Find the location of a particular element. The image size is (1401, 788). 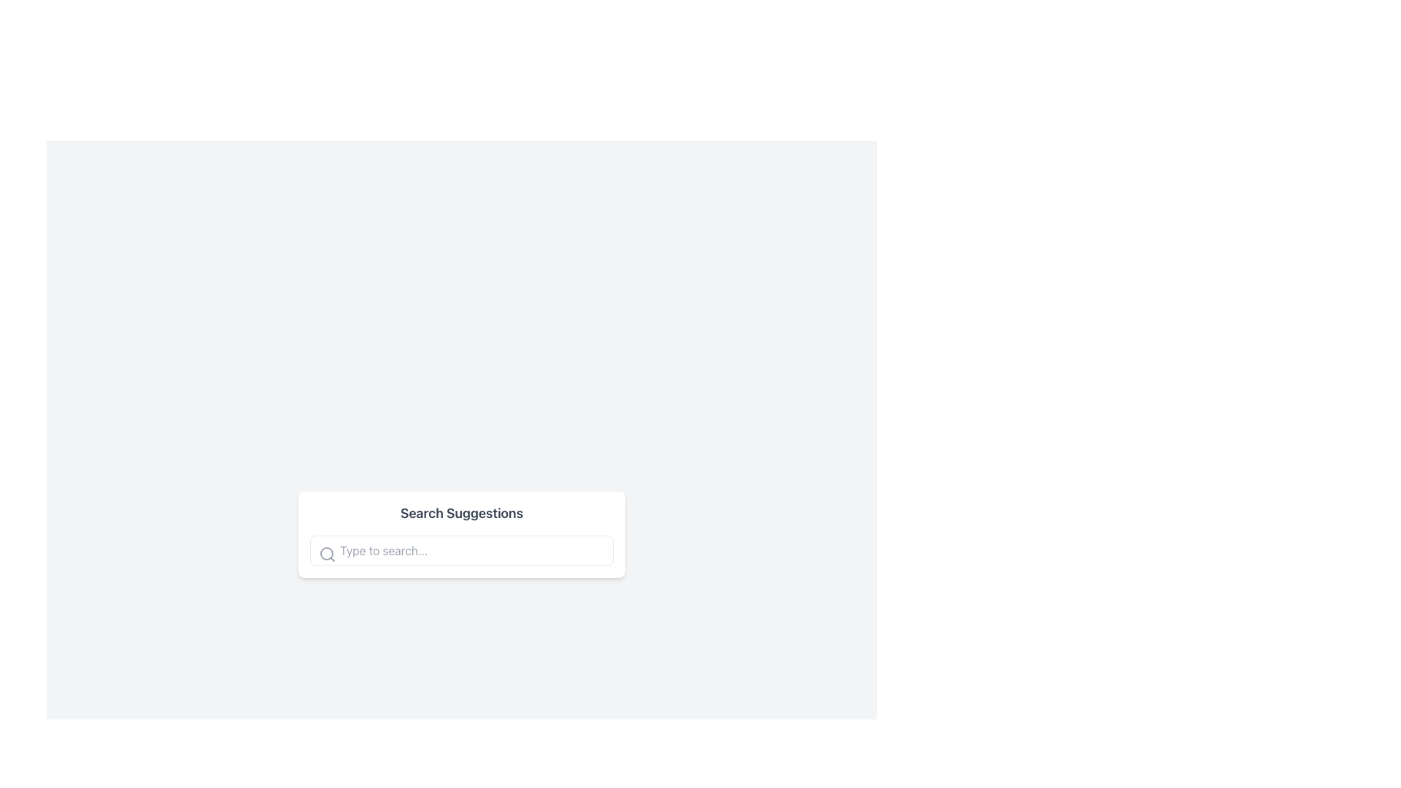

the Circle element of the magnifying glass icon, which serves as a visual indicator for search functionality in the search bar interface is located at coordinates (325, 554).